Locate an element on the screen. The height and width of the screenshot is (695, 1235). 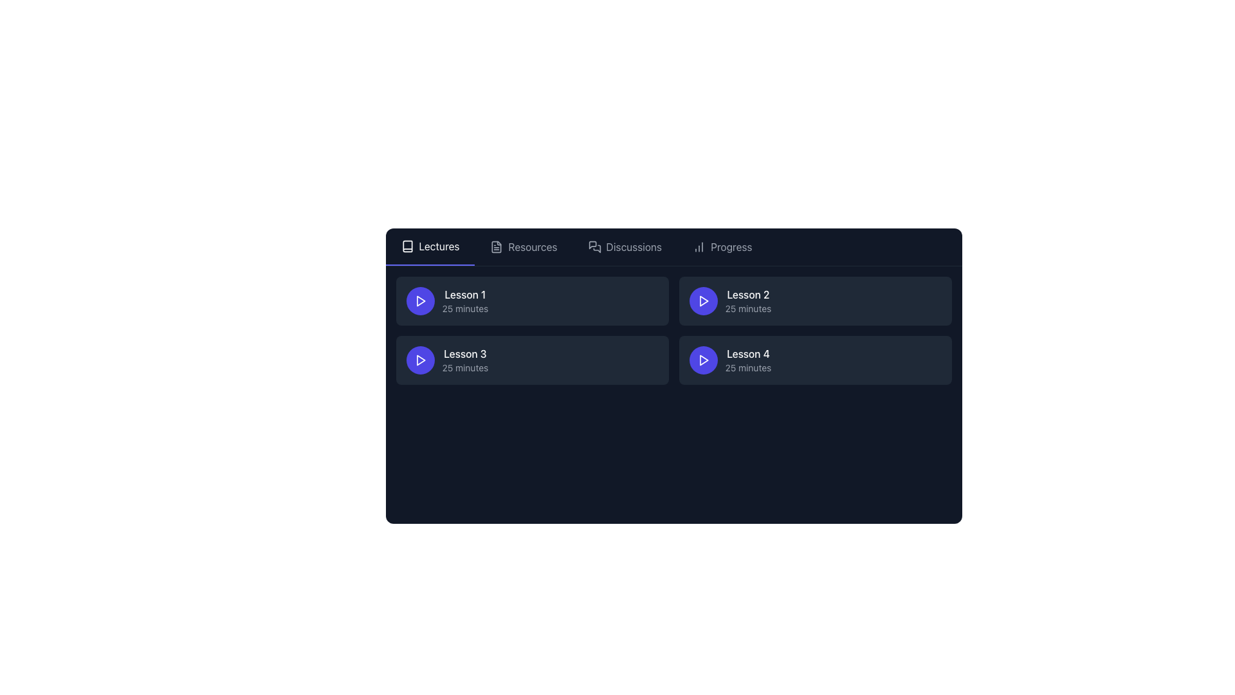
to select the 'Discussions' tab, which is the third item in the navigation bar, identifiable by its gray text and conversation bubble icon is located at coordinates (625, 247).